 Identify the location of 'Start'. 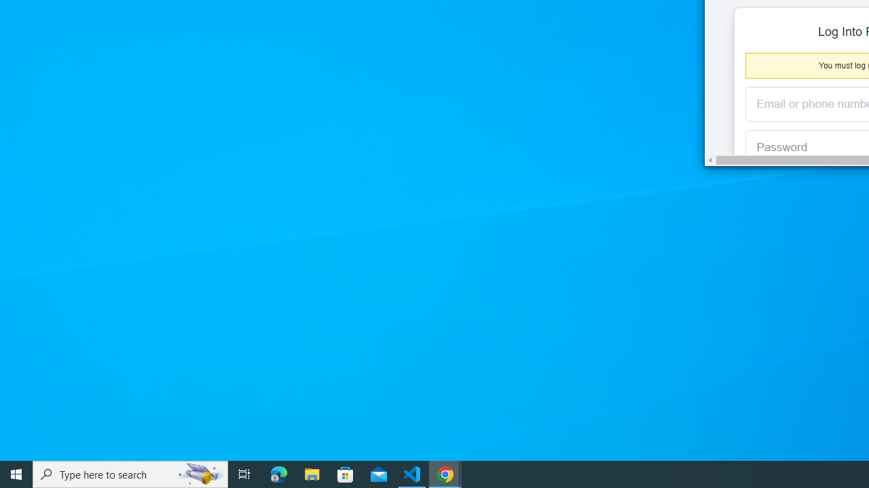
(16, 473).